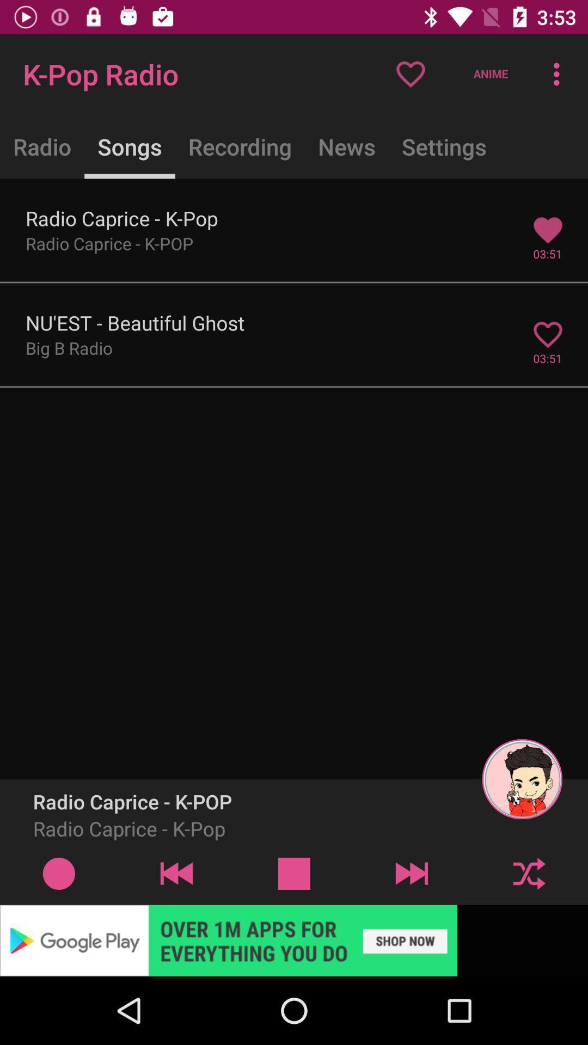  Describe the element at coordinates (444, 146) in the screenshot. I see `settings` at that location.